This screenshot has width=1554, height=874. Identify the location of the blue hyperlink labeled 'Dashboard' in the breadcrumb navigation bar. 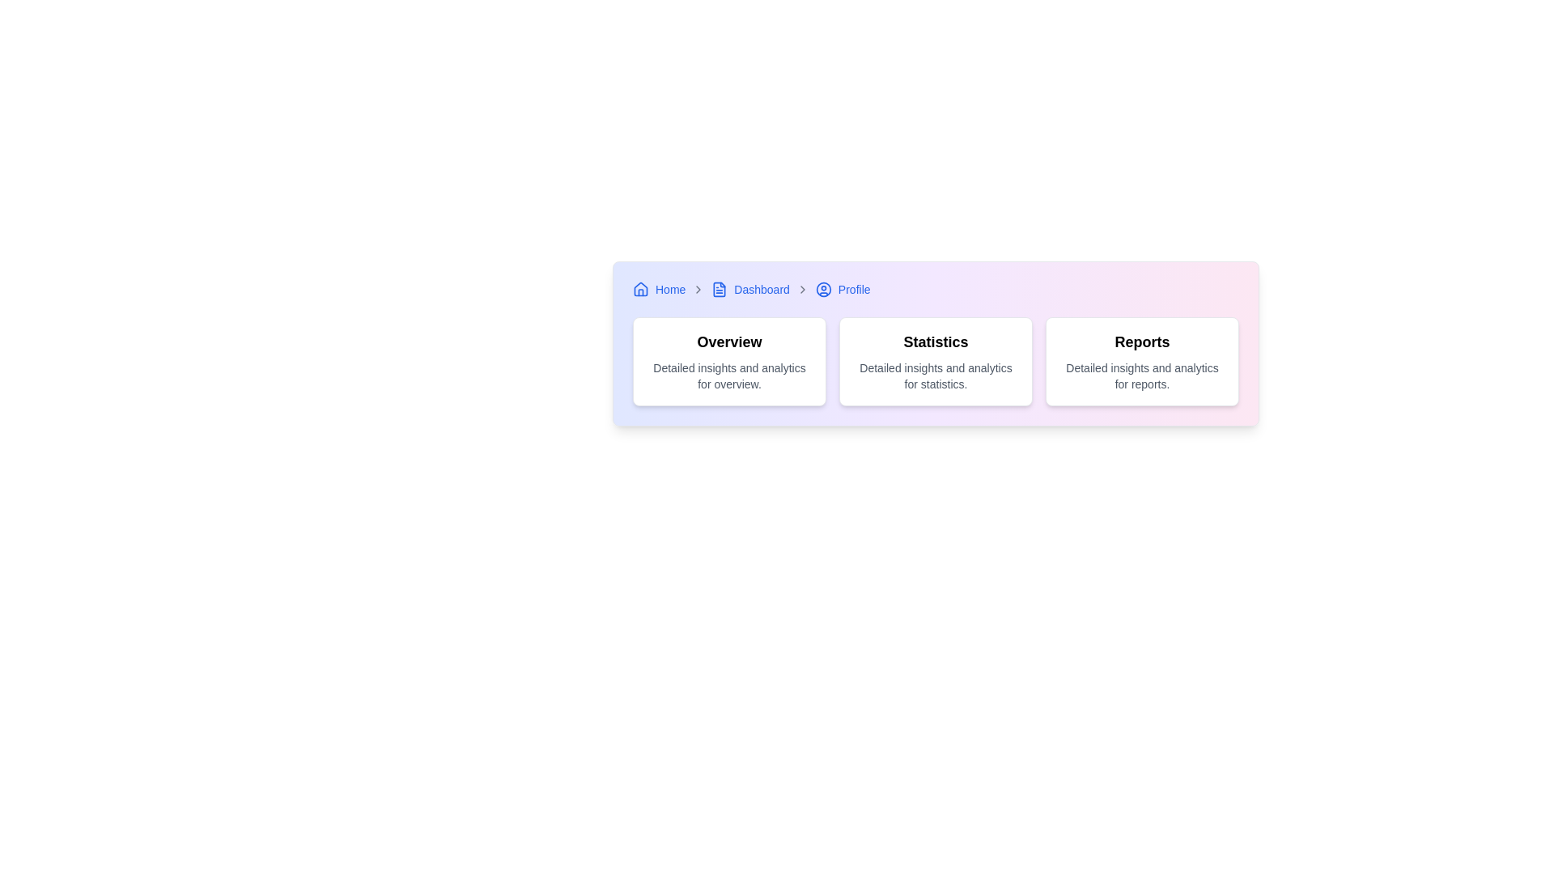
(761, 289).